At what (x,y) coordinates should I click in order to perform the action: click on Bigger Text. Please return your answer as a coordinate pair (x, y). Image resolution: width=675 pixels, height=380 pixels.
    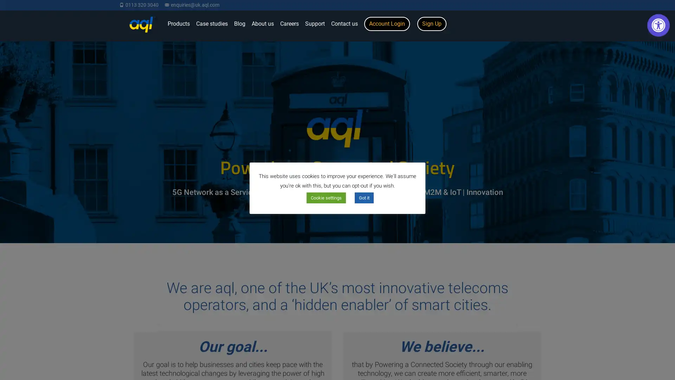
    Looking at the image, I should click on (561, 47).